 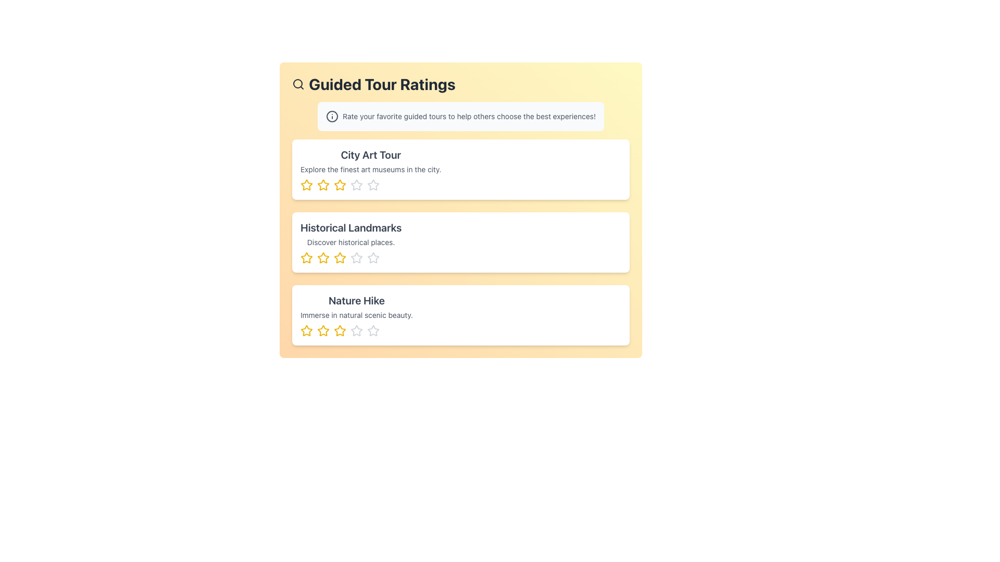 I want to click on the first star in the rating section for 'Nature Hike', so click(x=322, y=330).